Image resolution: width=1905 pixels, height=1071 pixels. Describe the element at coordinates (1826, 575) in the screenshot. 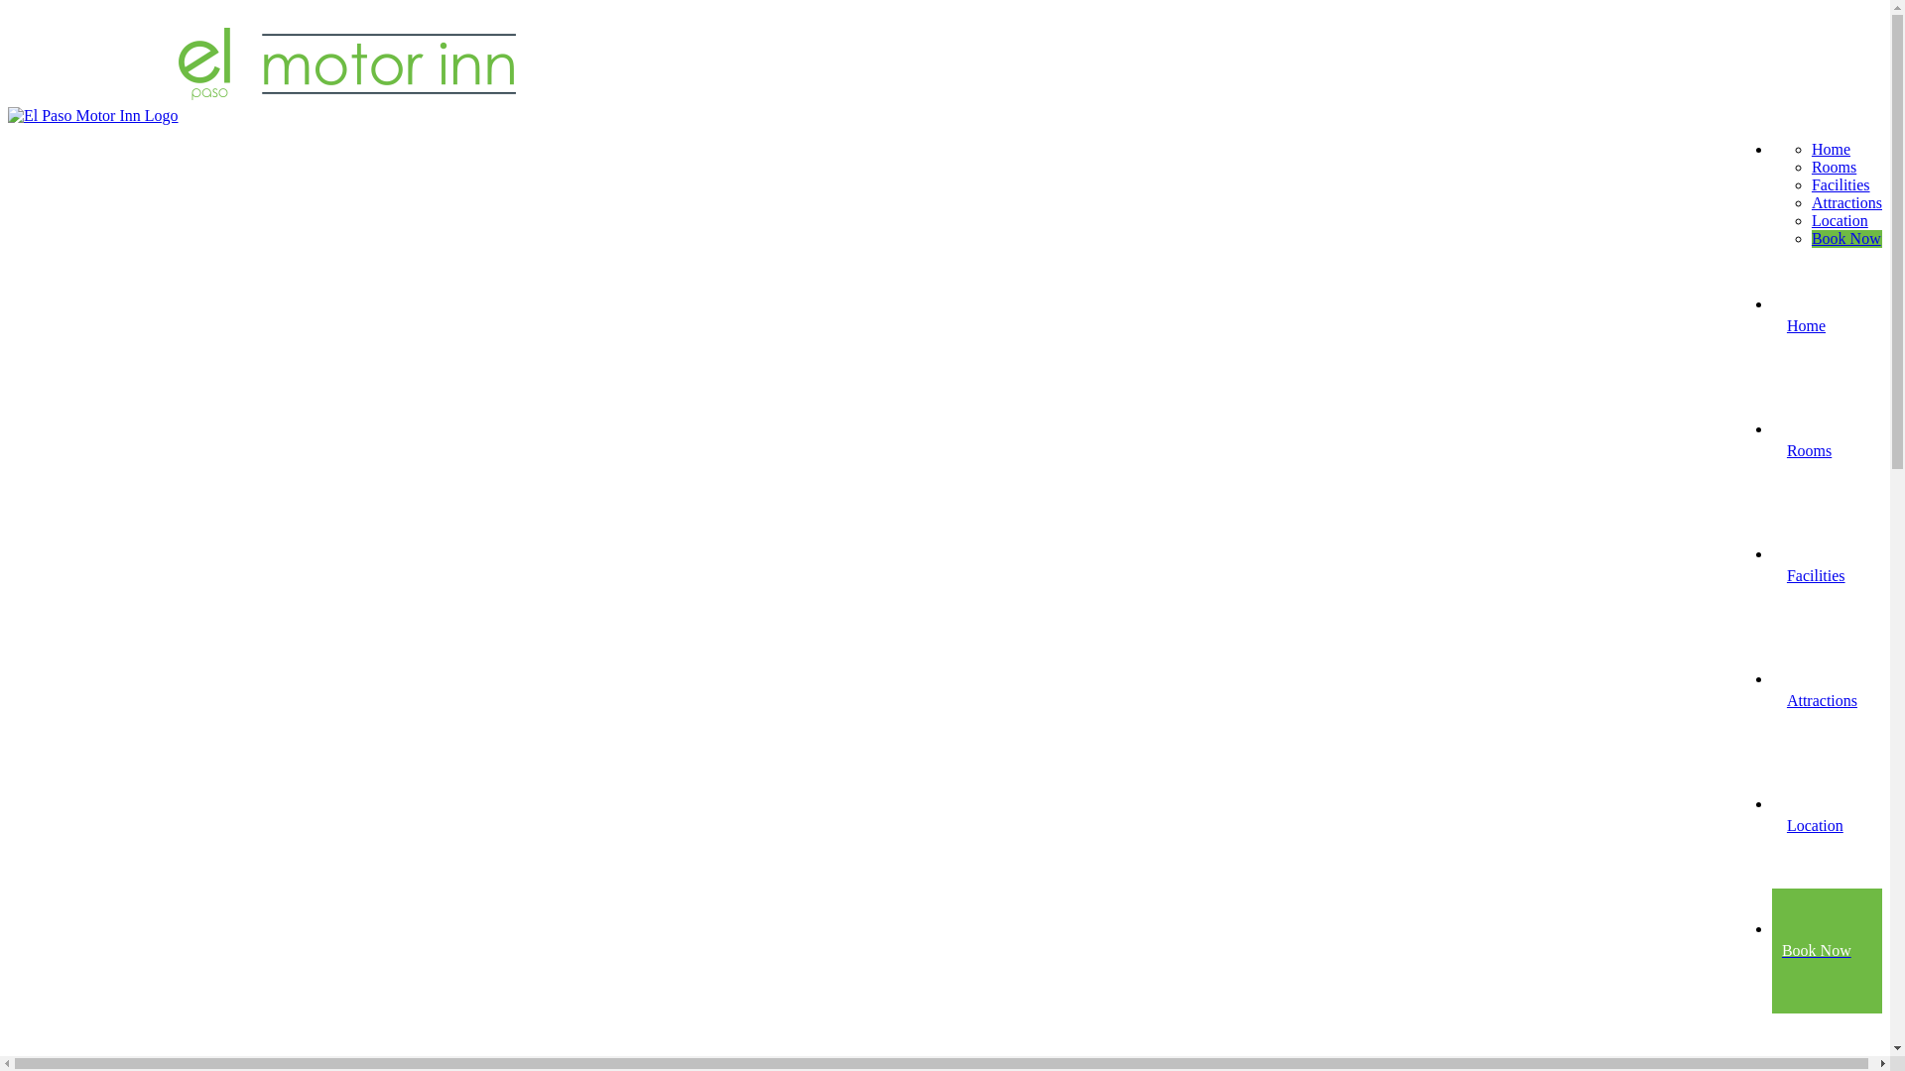

I see `'Facilities'` at that location.